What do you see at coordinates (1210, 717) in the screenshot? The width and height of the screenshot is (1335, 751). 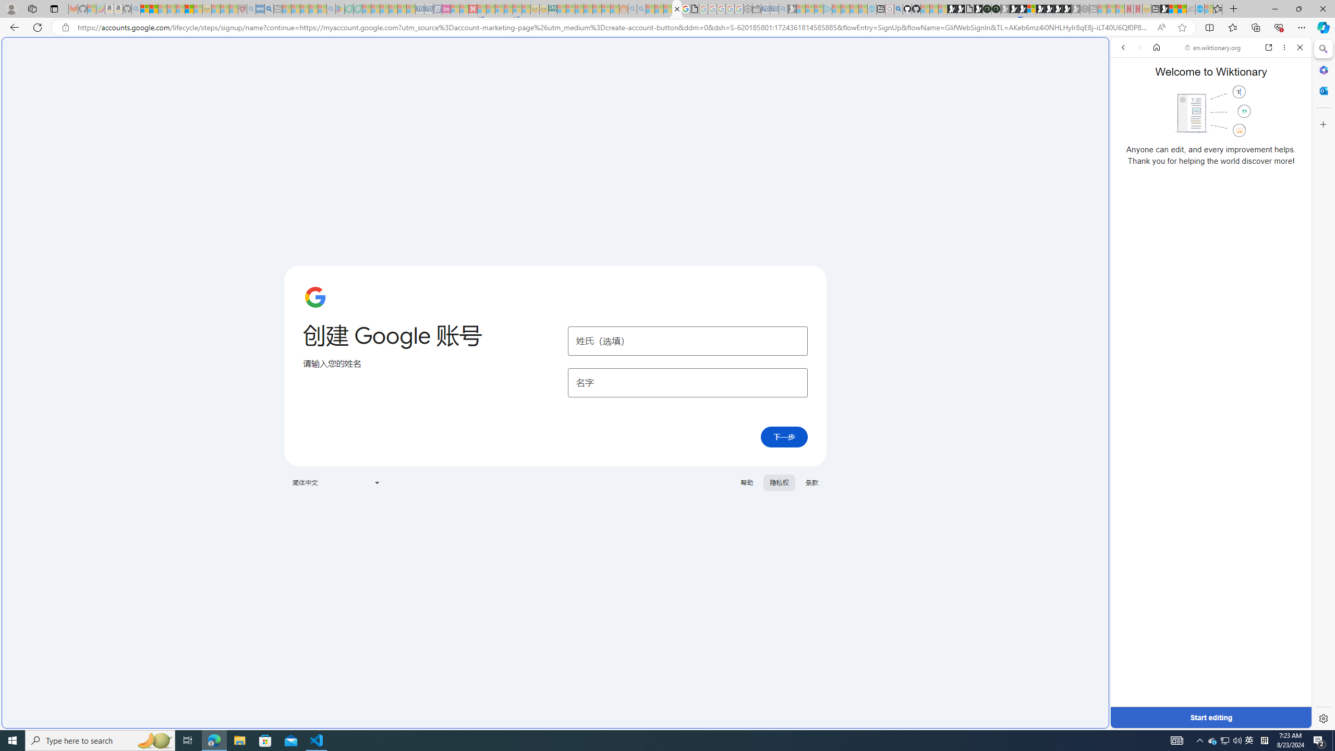 I see `'Start editing'` at bounding box center [1210, 717].